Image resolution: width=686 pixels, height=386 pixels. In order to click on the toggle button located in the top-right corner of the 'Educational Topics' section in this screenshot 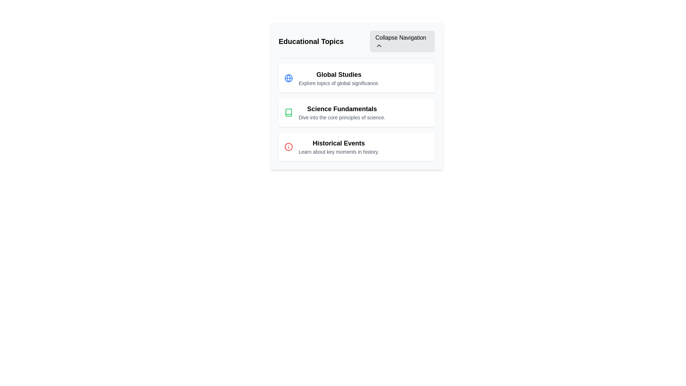, I will do `click(402, 41)`.